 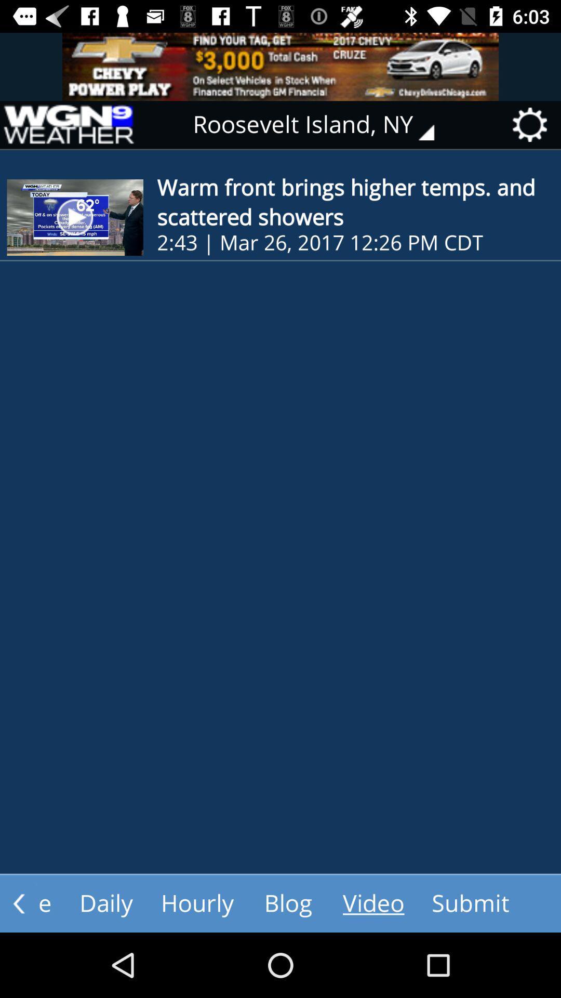 I want to click on the arrow_backward icon, so click(x=19, y=903).